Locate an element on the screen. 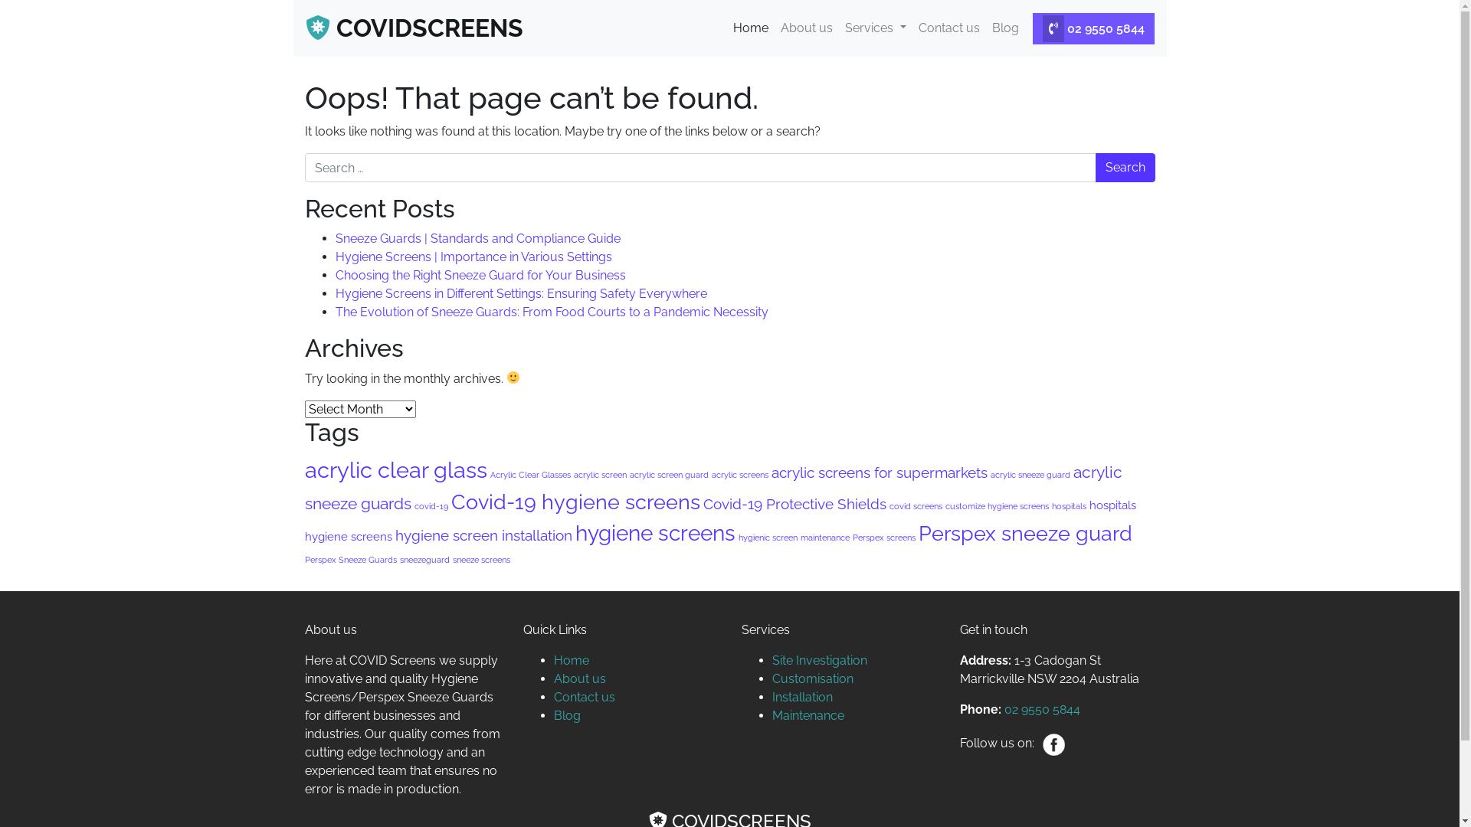 This screenshot has width=1471, height=827. 'About us' is located at coordinates (578, 678).